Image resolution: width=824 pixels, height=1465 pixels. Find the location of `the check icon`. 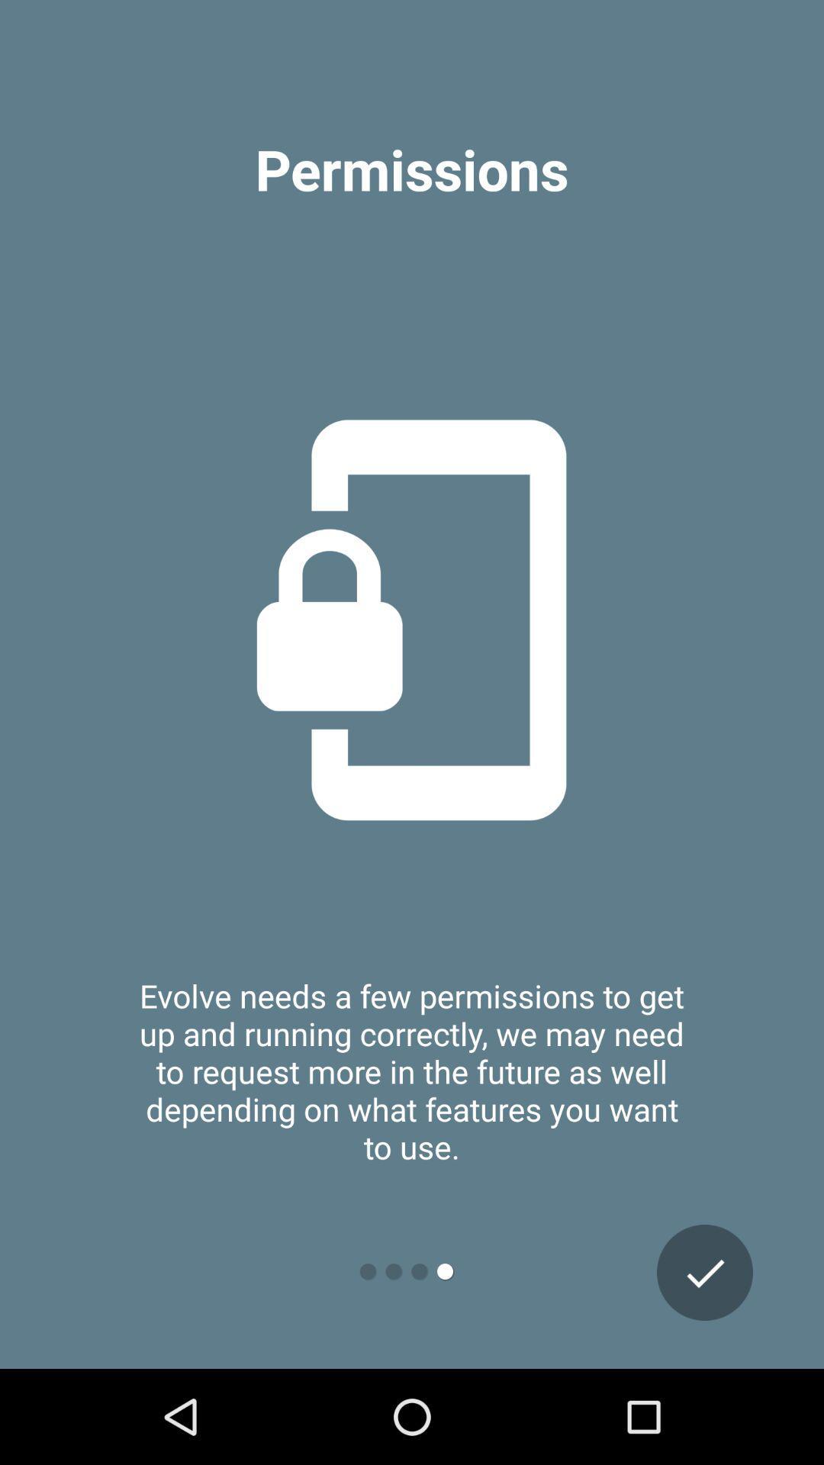

the check icon is located at coordinates (705, 1272).